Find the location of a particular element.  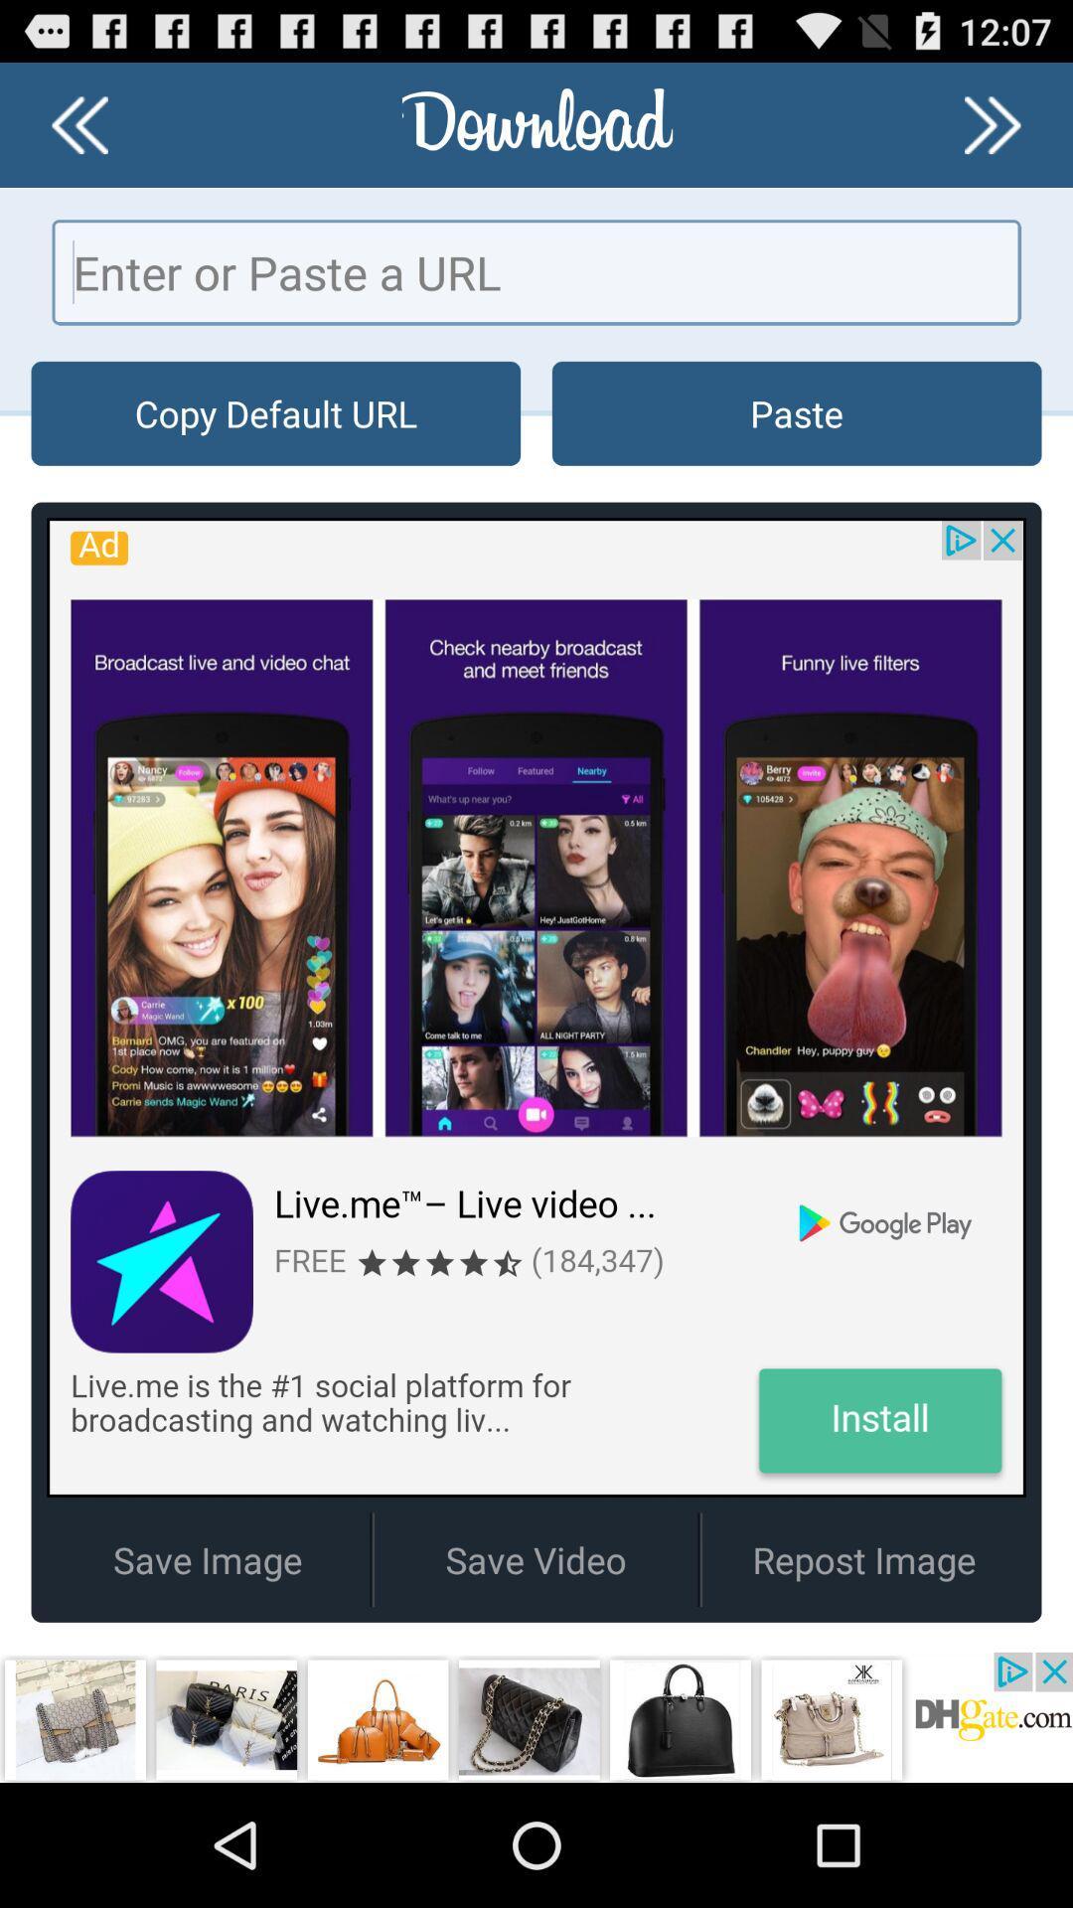

opens an advertisement is located at coordinates (536, 1716).